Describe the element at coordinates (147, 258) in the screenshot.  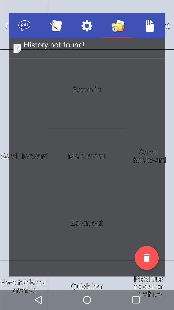
I see `the delete icon` at that location.